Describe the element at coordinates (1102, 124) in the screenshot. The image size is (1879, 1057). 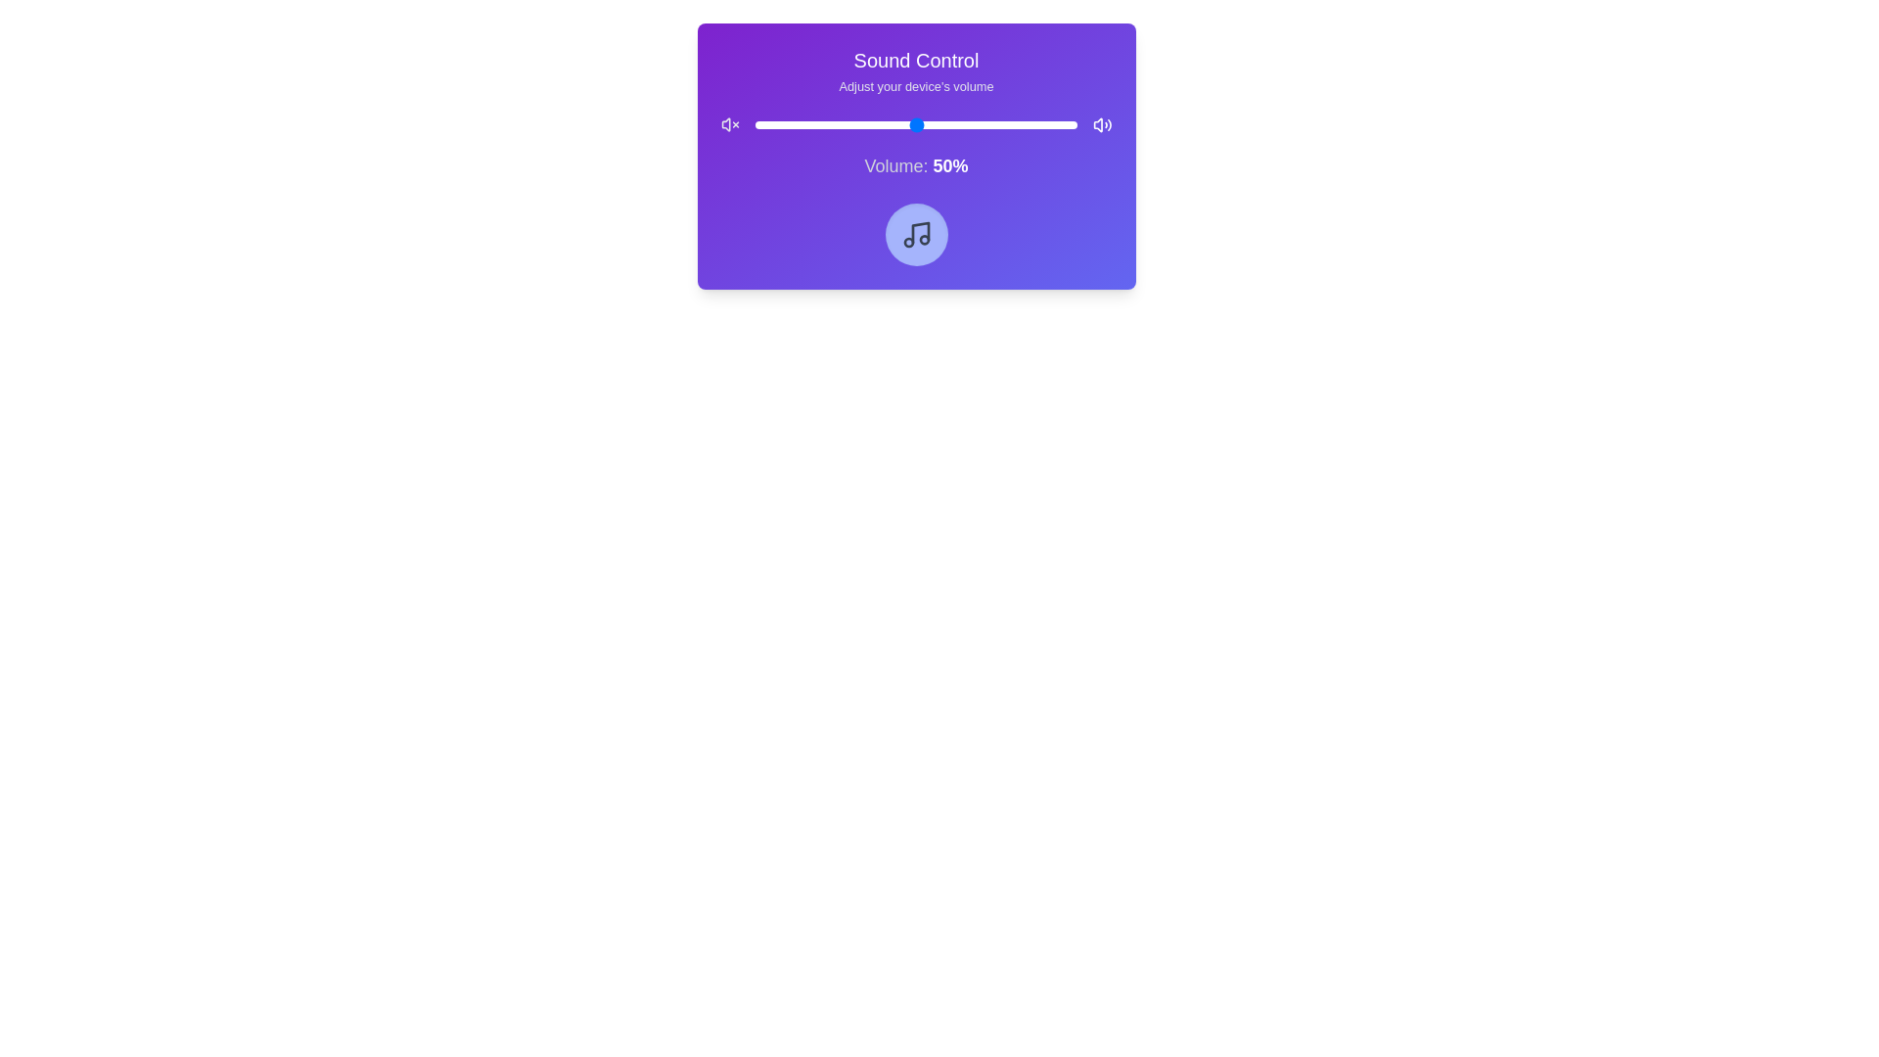
I see `the right volume icon` at that location.